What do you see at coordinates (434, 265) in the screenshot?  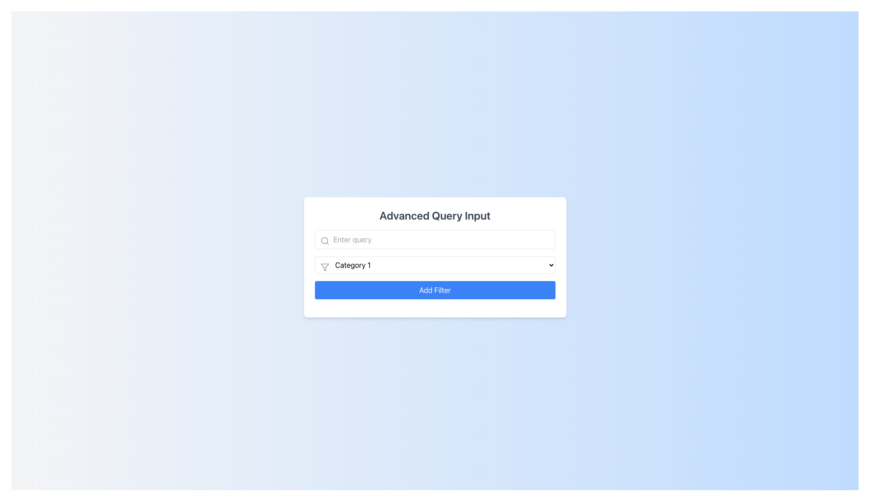 I see `the dropdown menu labeled 'Category 1'` at bounding box center [434, 265].